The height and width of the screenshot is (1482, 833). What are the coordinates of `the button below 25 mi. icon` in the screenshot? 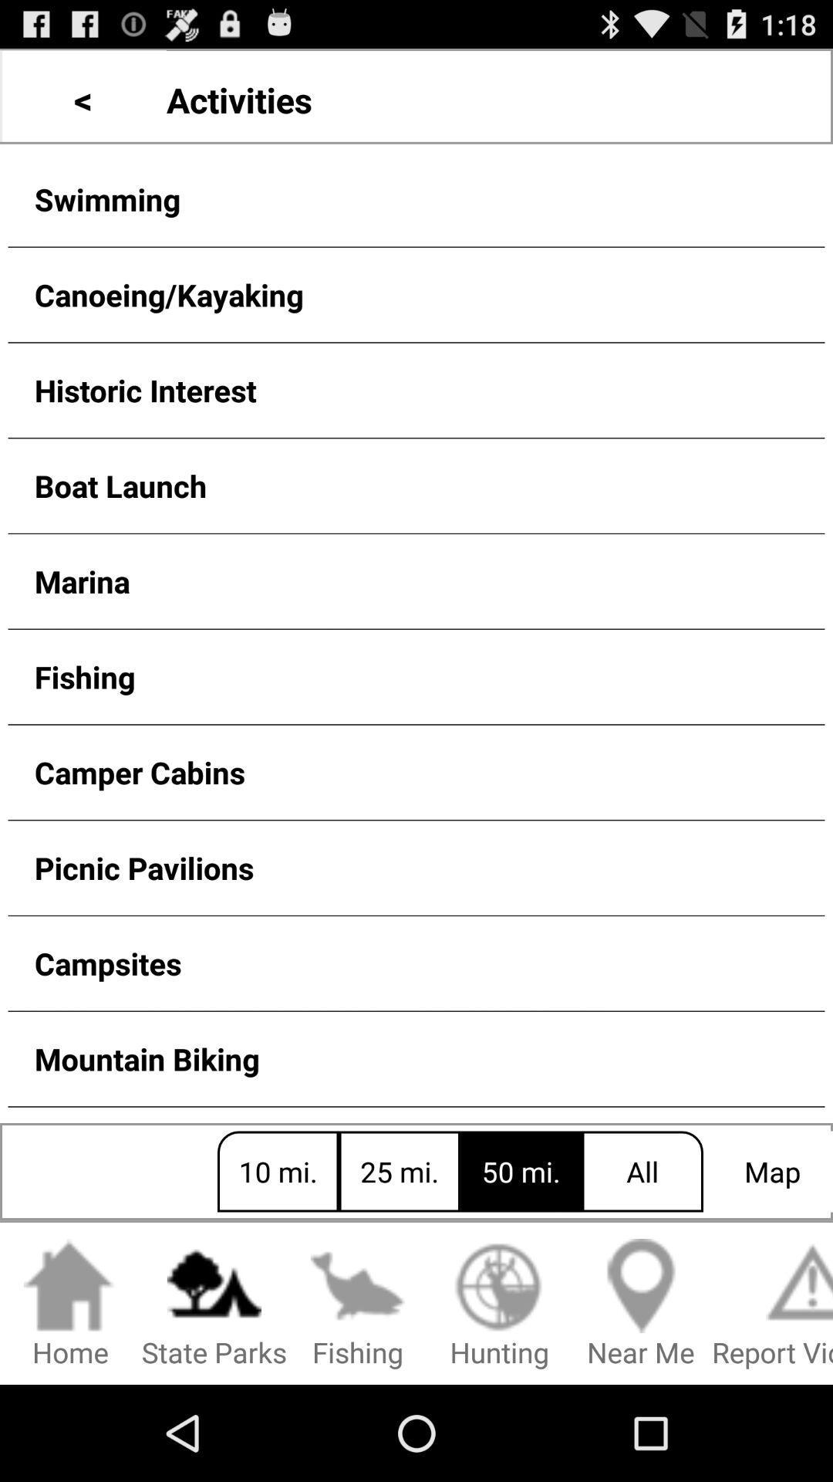 It's located at (499, 1304).